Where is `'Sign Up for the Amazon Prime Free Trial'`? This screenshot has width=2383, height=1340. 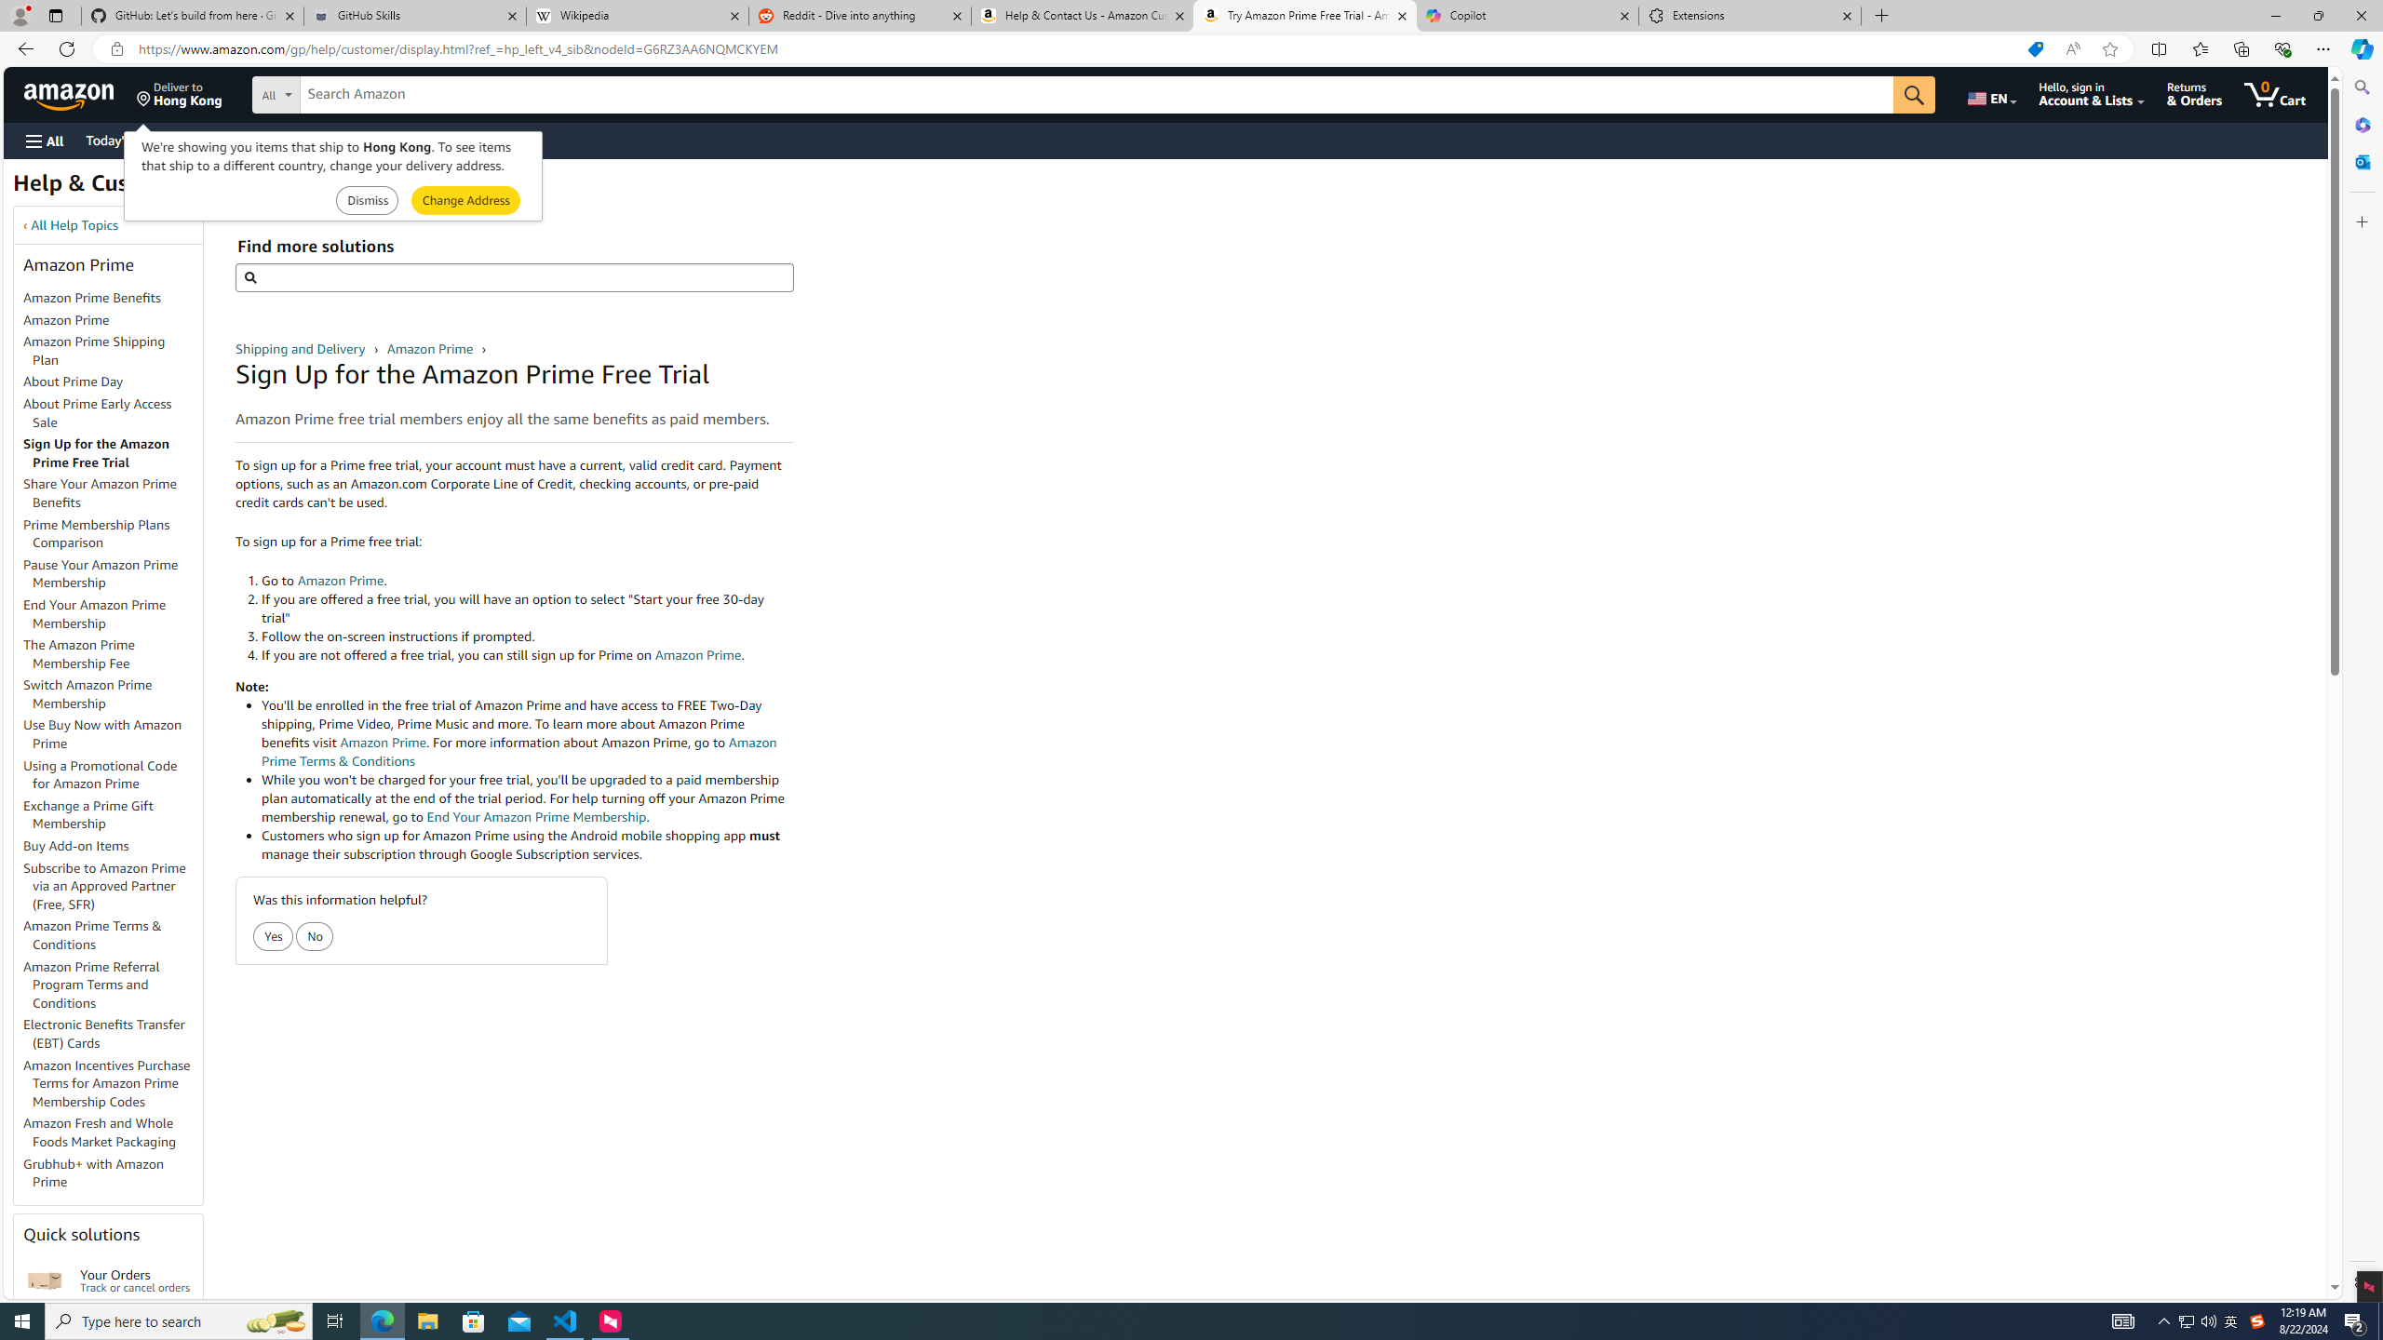
'Sign Up for the Amazon Prime Free Trial' is located at coordinates (113, 453).